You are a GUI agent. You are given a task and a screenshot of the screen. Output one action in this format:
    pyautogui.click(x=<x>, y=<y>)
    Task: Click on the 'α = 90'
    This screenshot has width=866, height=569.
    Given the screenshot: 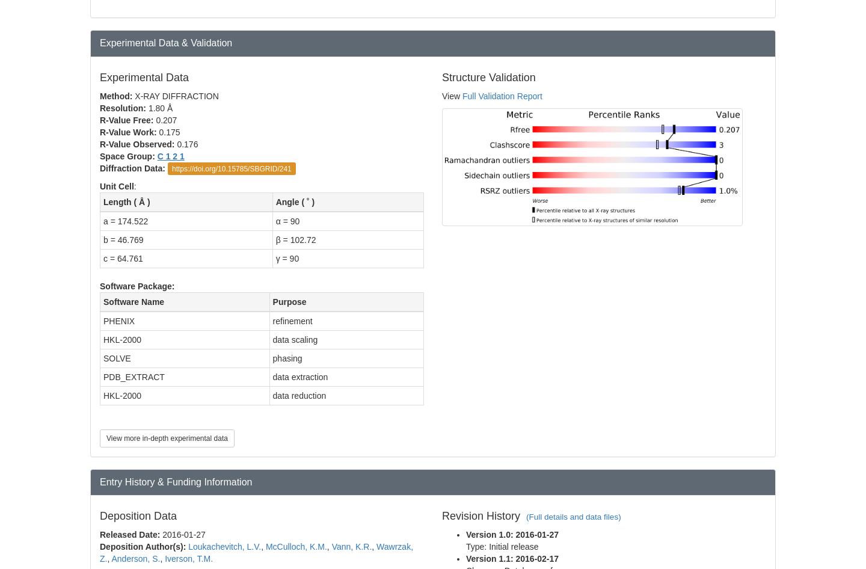 What is the action you would take?
    pyautogui.click(x=287, y=220)
    